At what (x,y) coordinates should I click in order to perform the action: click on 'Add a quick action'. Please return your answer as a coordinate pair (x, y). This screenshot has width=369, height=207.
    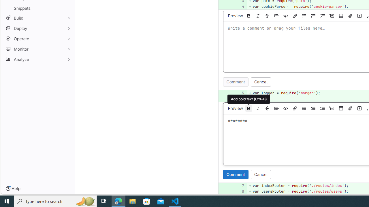
    Looking at the image, I should click on (359, 108).